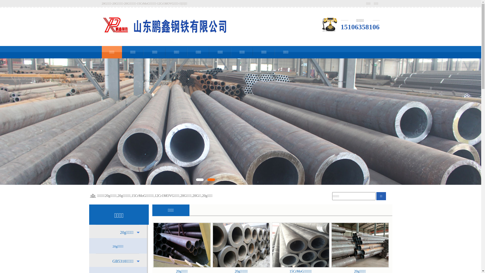 This screenshot has height=273, width=485. What do you see at coordinates (211, 179) in the screenshot?
I see `'2'` at bounding box center [211, 179].